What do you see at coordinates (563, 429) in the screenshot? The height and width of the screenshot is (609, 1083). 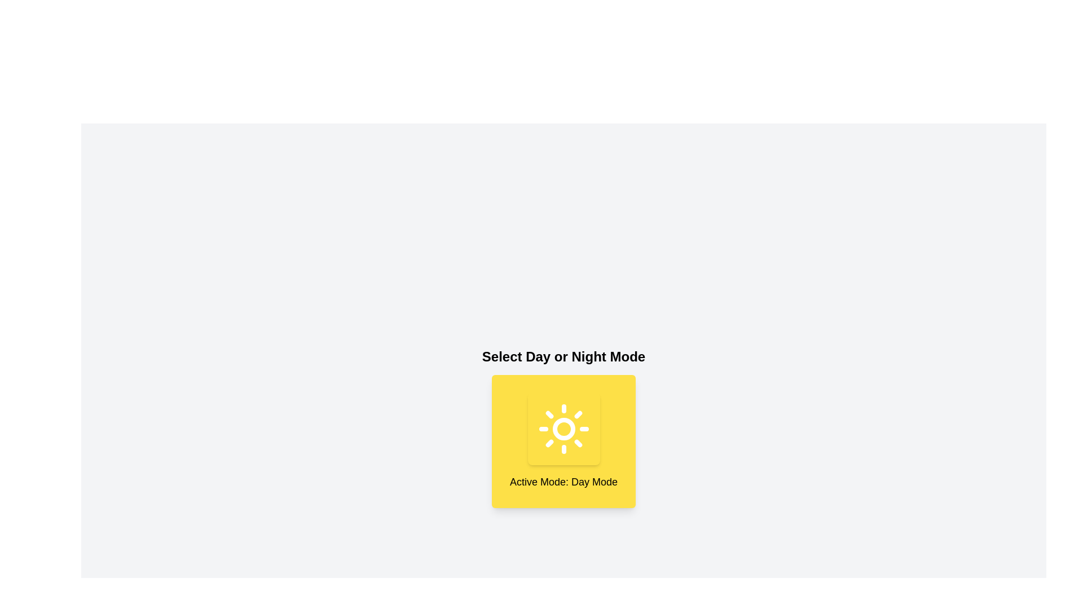 I see `the button to observe any hover effects` at bounding box center [563, 429].